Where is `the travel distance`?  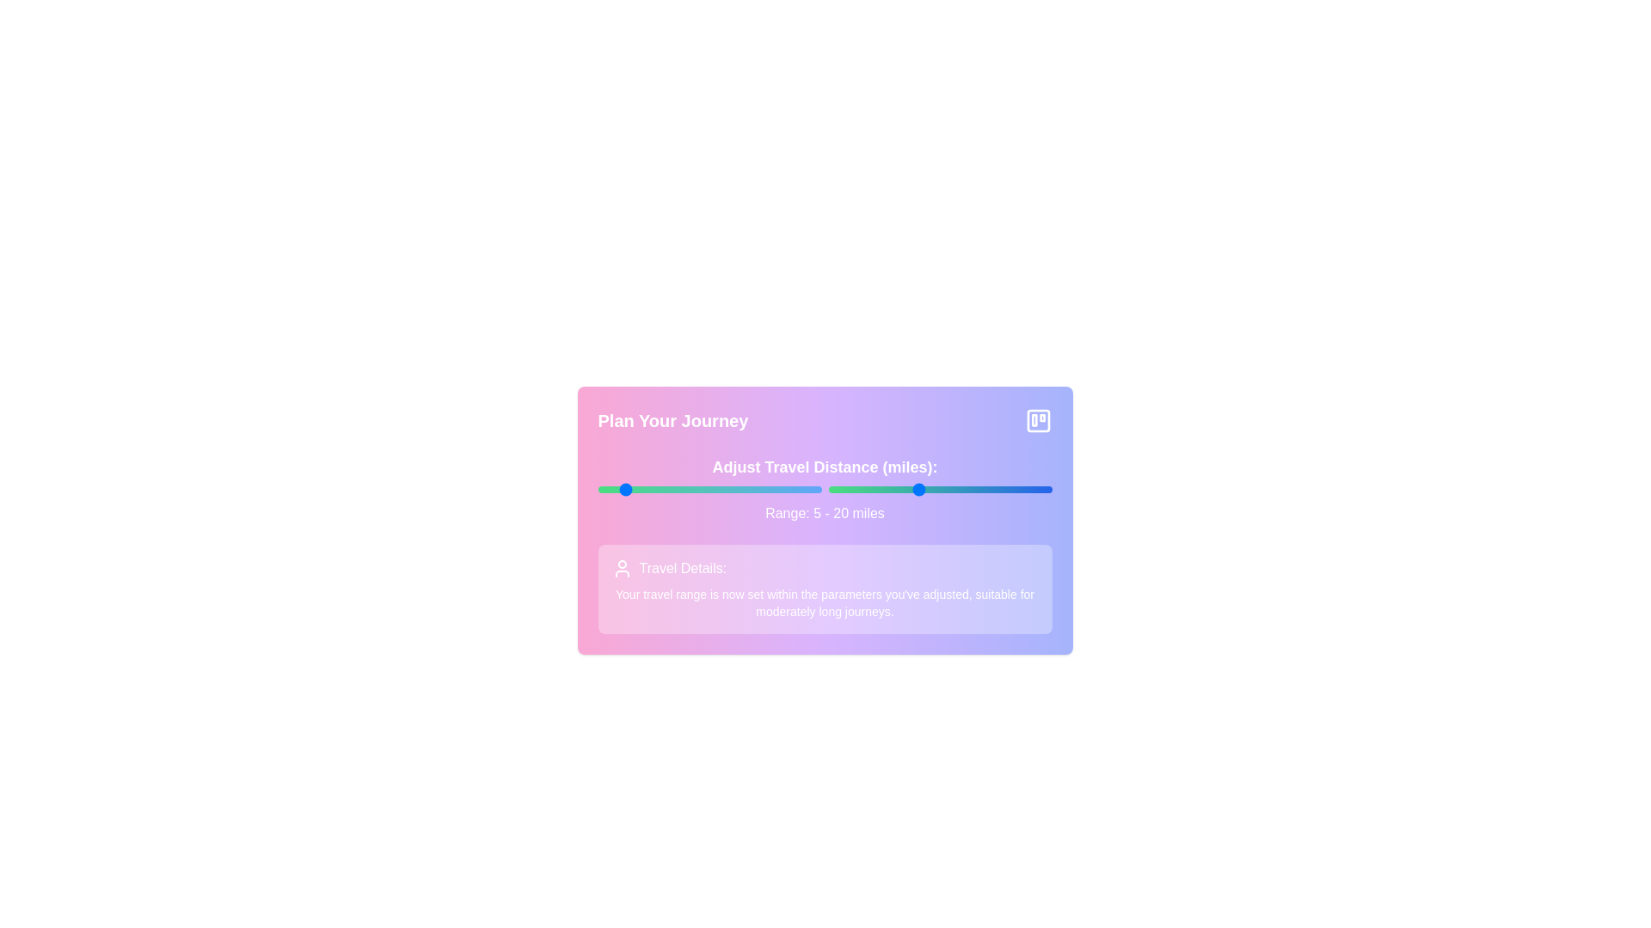 the travel distance is located at coordinates (842, 490).